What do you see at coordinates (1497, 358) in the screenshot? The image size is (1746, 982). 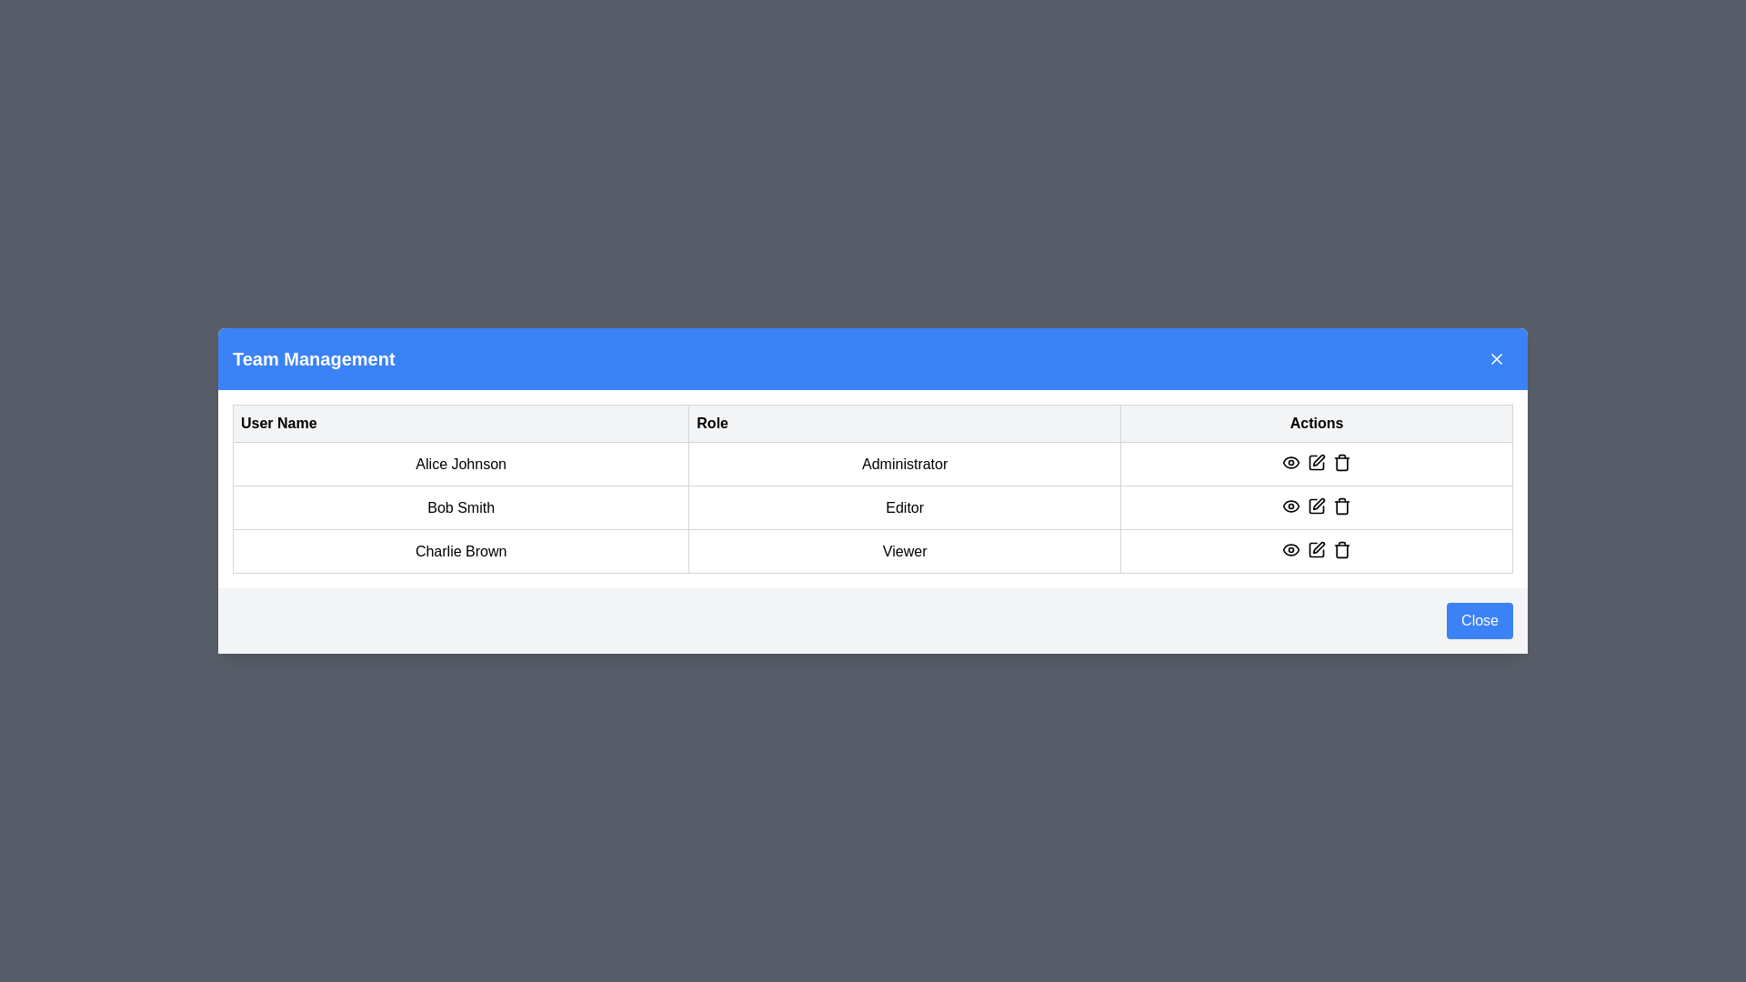 I see `the close button icon in the blue header section of the modal dialog` at bounding box center [1497, 358].